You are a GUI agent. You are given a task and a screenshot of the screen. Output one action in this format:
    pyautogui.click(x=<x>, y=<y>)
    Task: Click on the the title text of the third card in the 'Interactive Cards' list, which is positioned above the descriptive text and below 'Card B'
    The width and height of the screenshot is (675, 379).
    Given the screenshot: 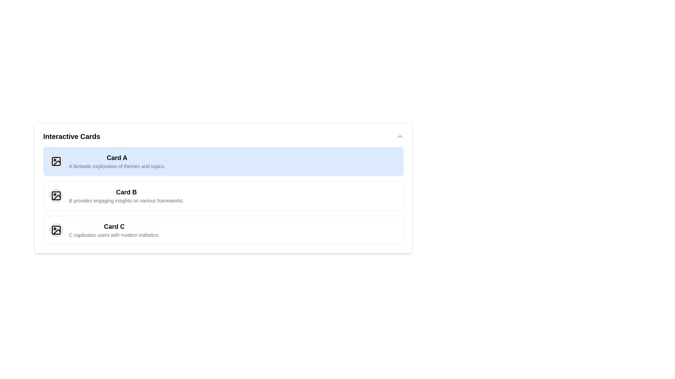 What is the action you would take?
    pyautogui.click(x=114, y=226)
    